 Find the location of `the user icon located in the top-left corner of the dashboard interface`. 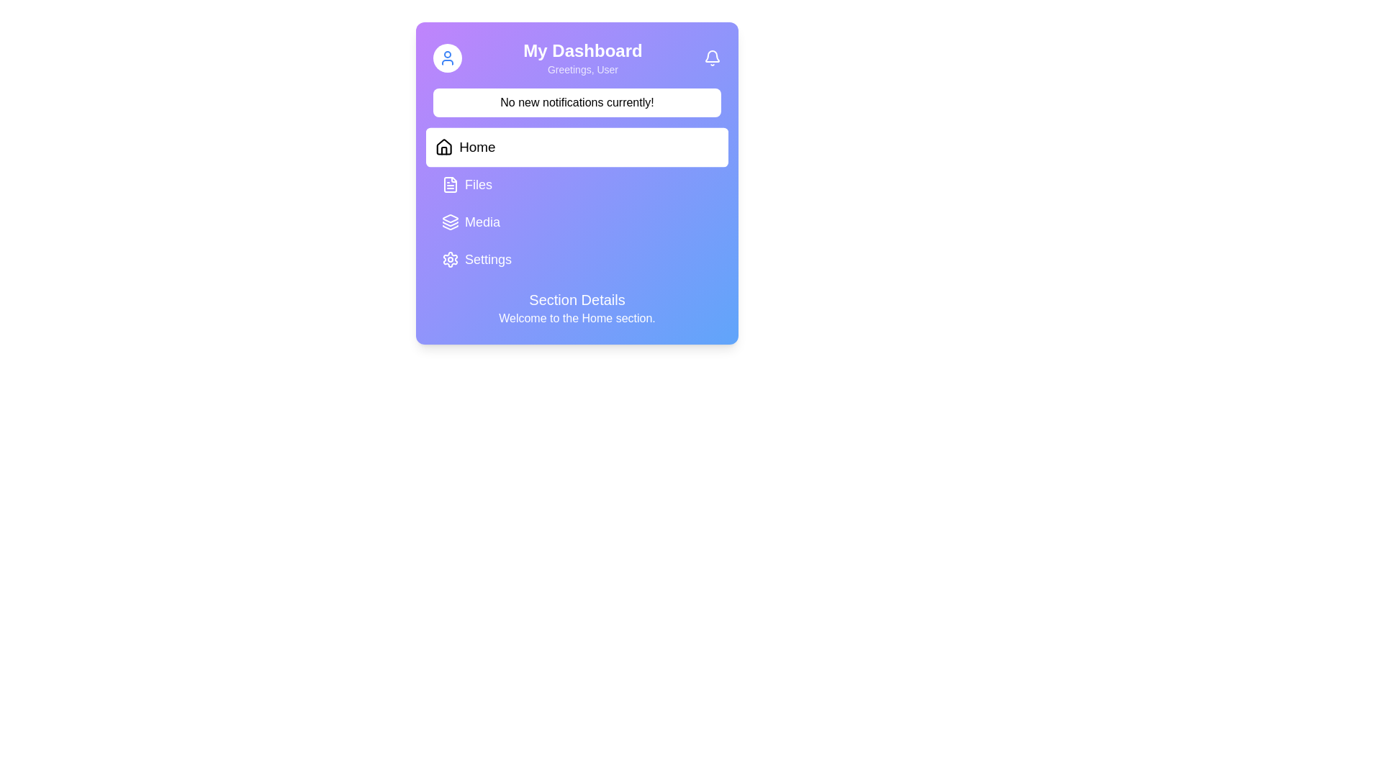

the user icon located in the top-left corner of the dashboard interface is located at coordinates (447, 58).